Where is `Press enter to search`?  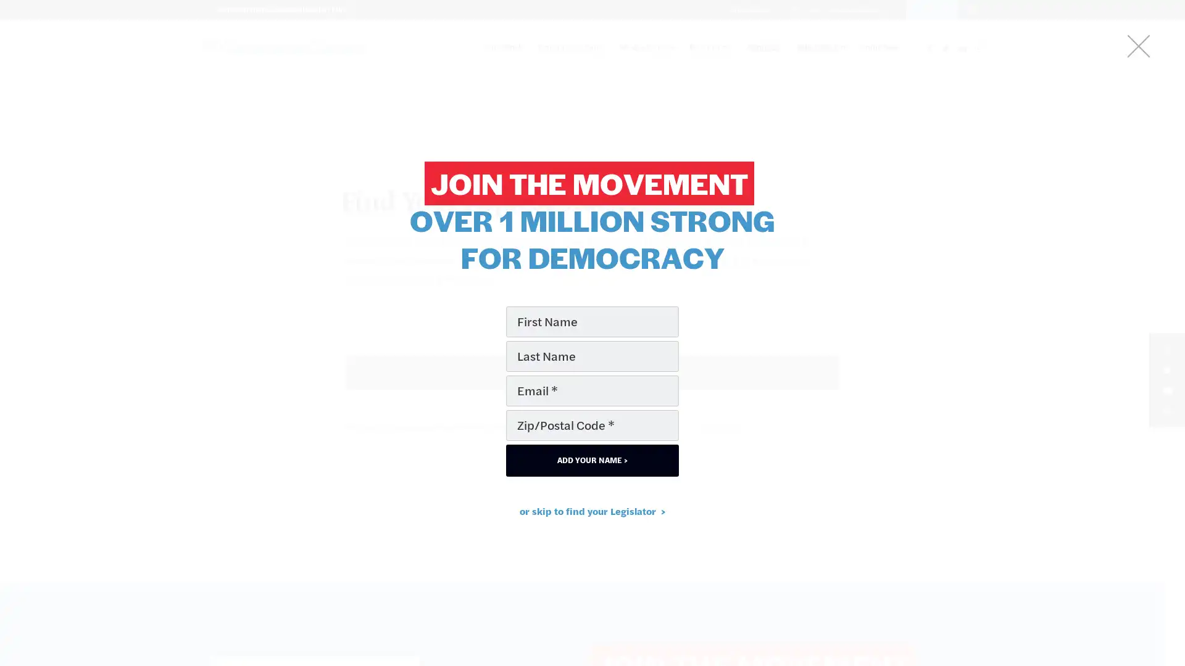
Press enter to search is located at coordinates (591, 399).